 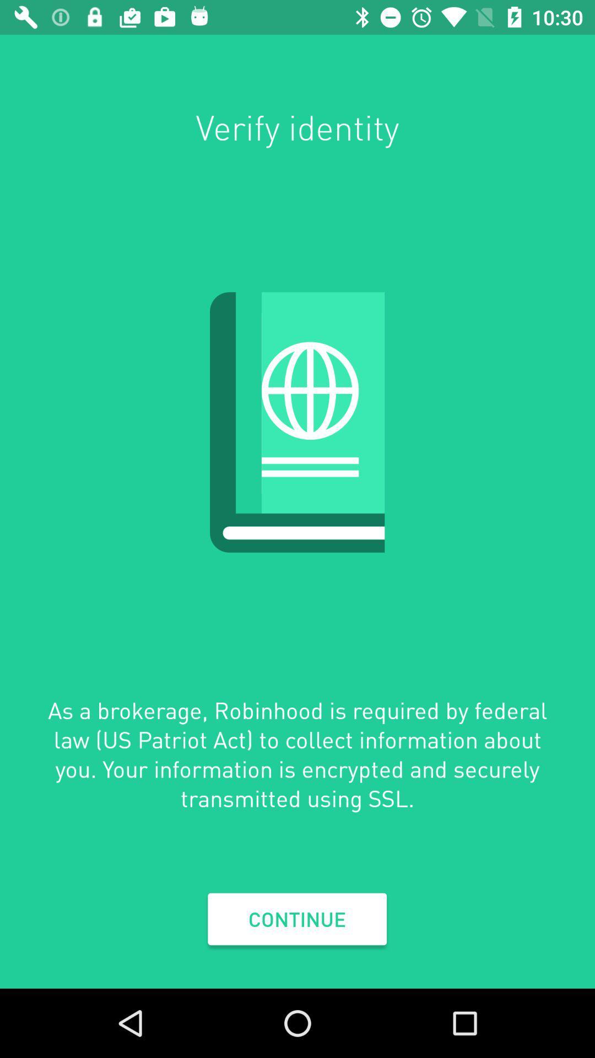 What do you see at coordinates (296, 919) in the screenshot?
I see `the item below as a brokerage icon` at bounding box center [296, 919].